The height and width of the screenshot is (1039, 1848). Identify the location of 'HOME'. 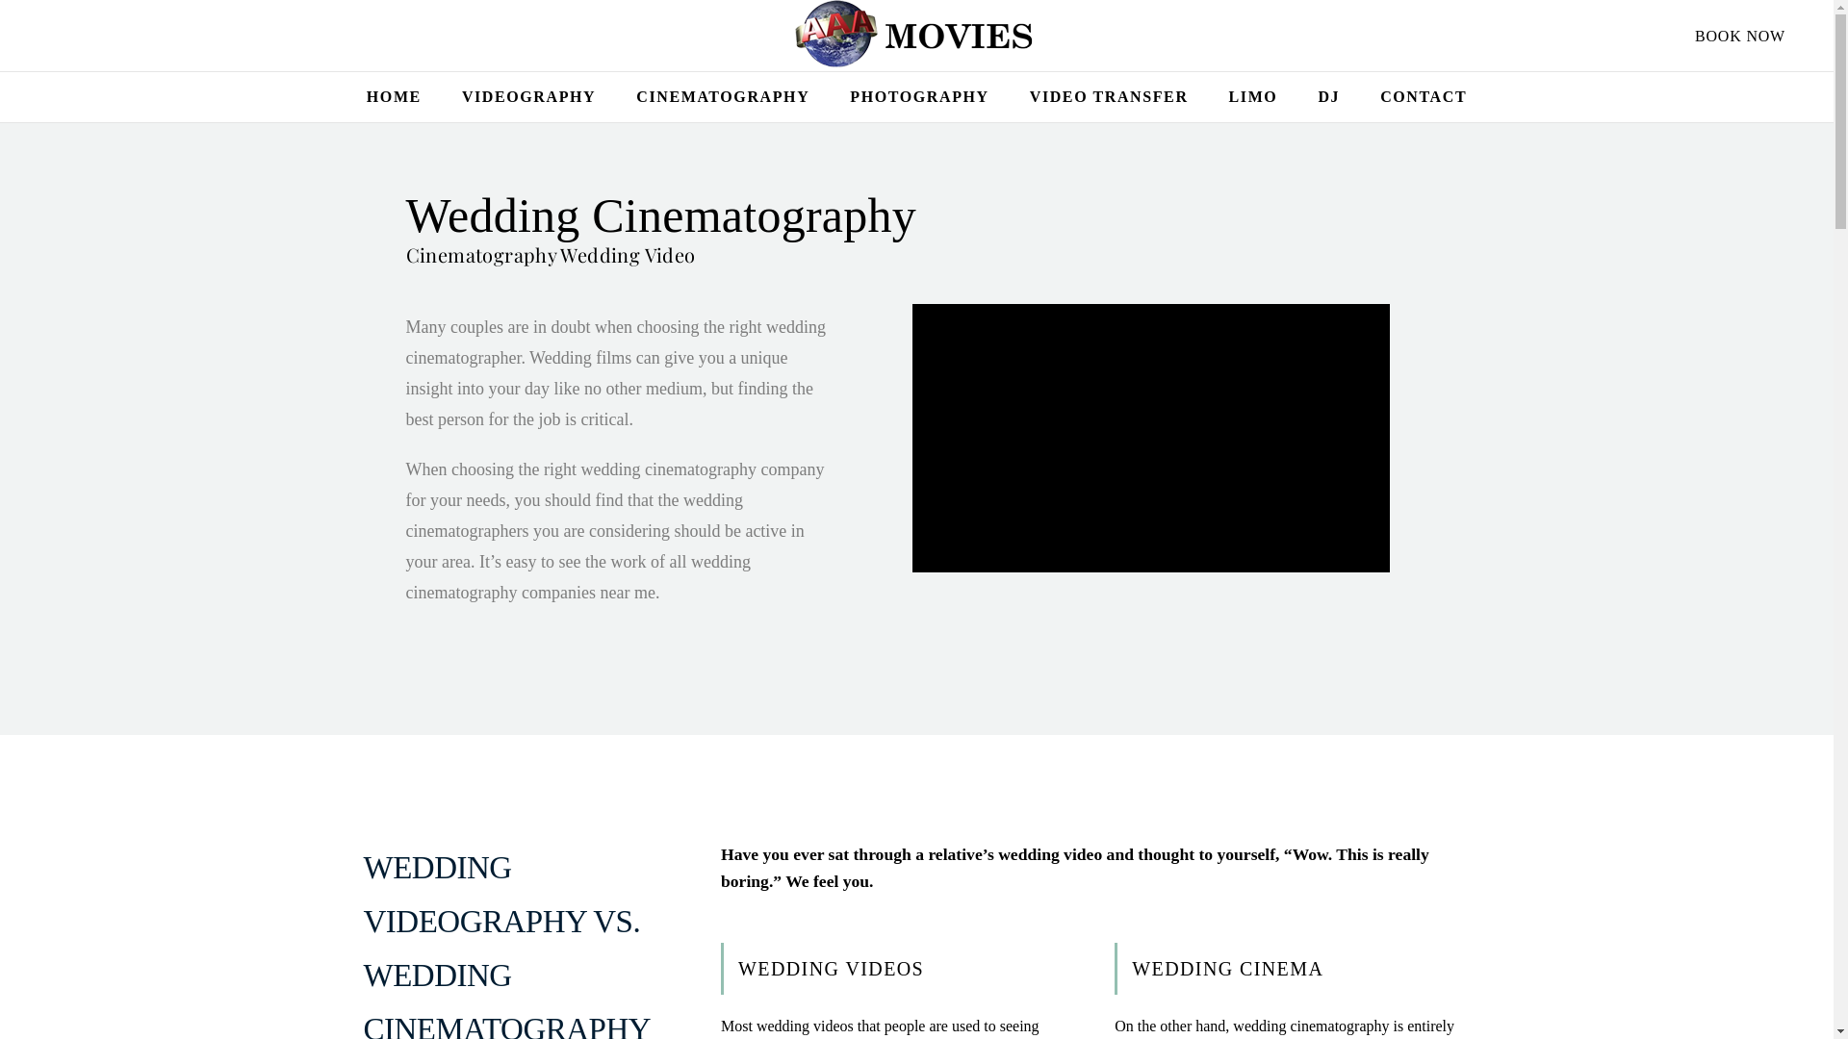
(393, 96).